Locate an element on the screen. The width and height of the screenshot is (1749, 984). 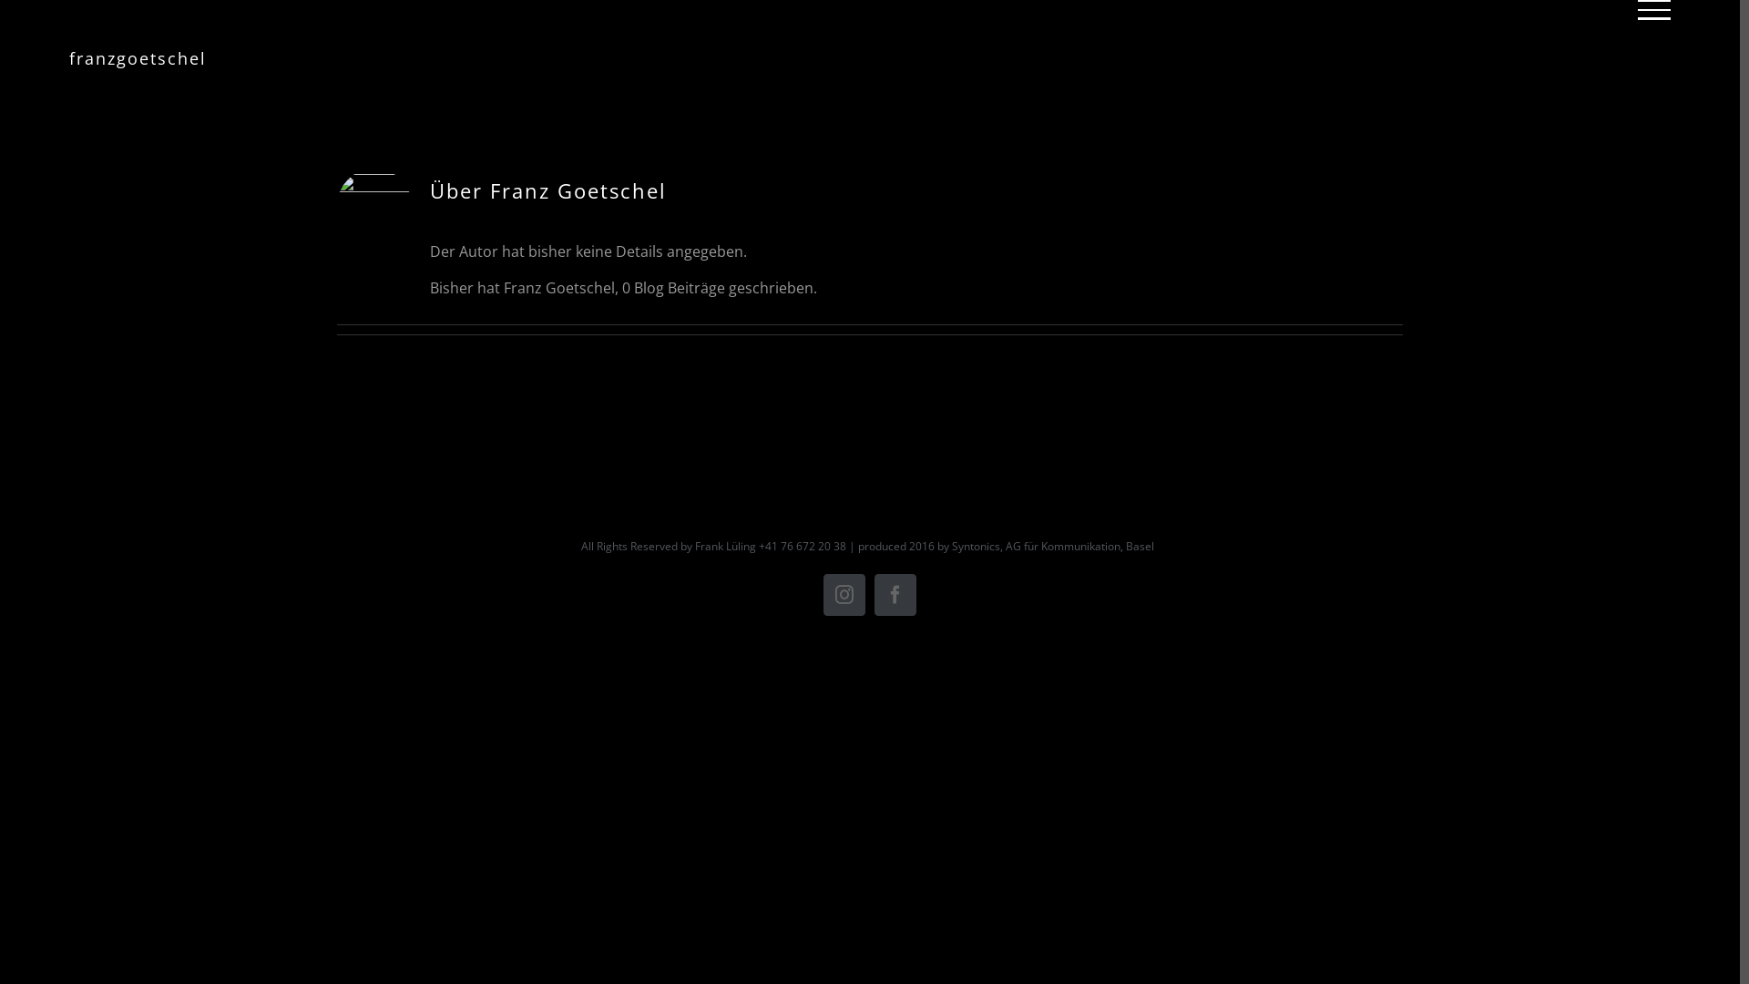
'Instagram' is located at coordinates (843, 594).